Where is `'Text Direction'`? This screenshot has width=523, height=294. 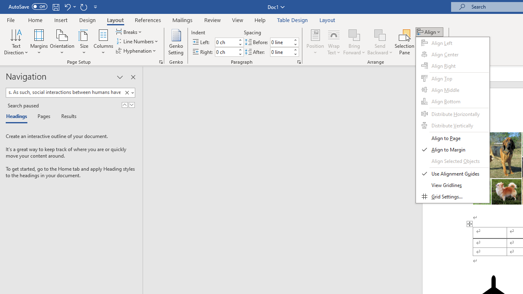 'Text Direction' is located at coordinates (16, 42).